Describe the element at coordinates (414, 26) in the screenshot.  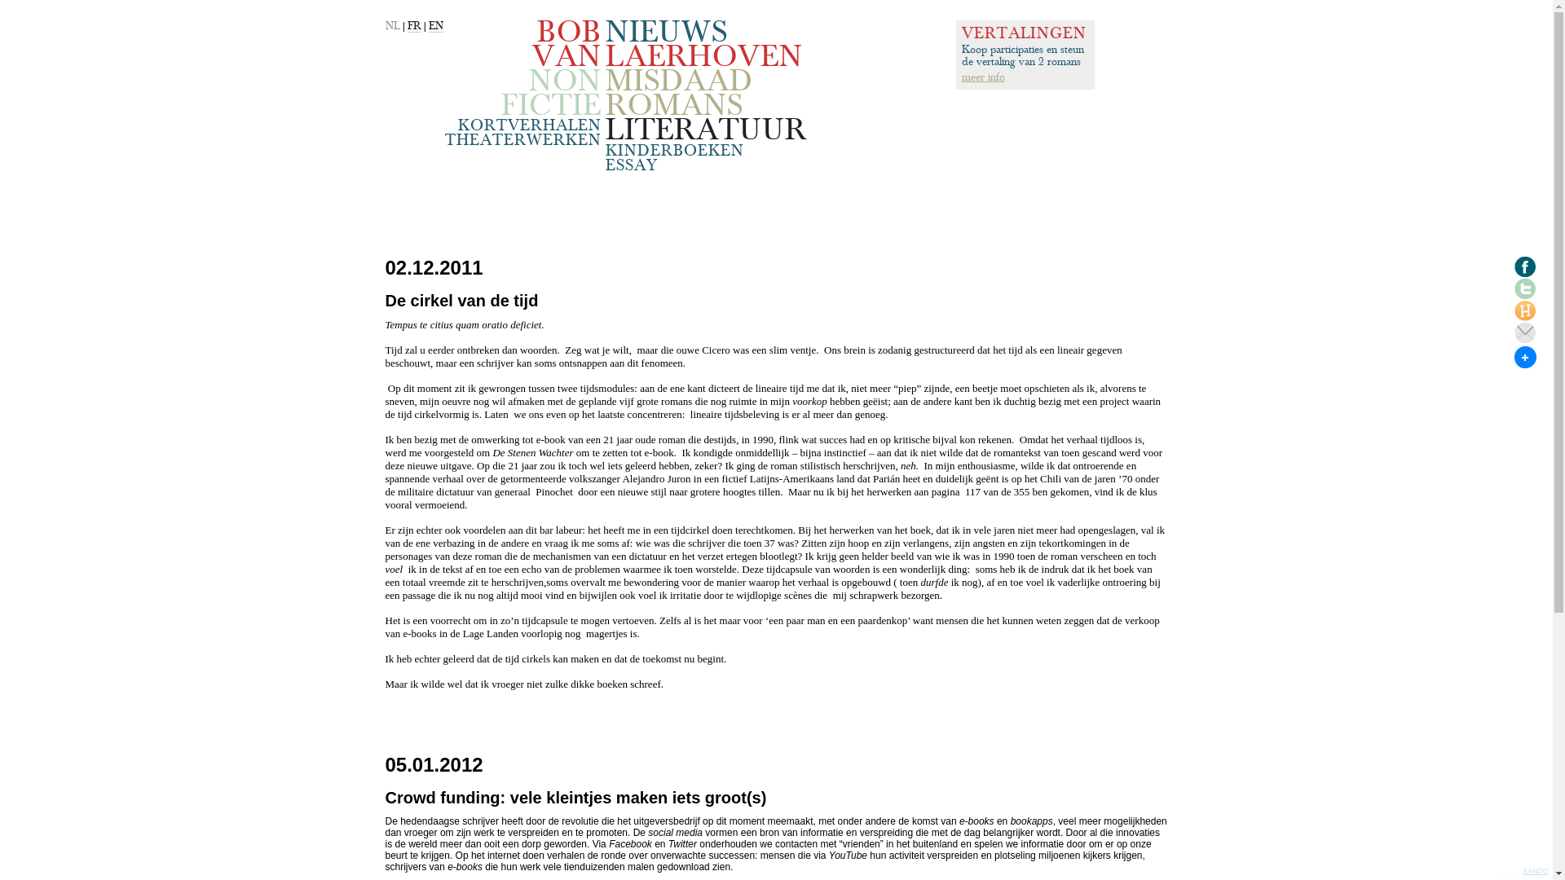
I see `'FR'` at that location.